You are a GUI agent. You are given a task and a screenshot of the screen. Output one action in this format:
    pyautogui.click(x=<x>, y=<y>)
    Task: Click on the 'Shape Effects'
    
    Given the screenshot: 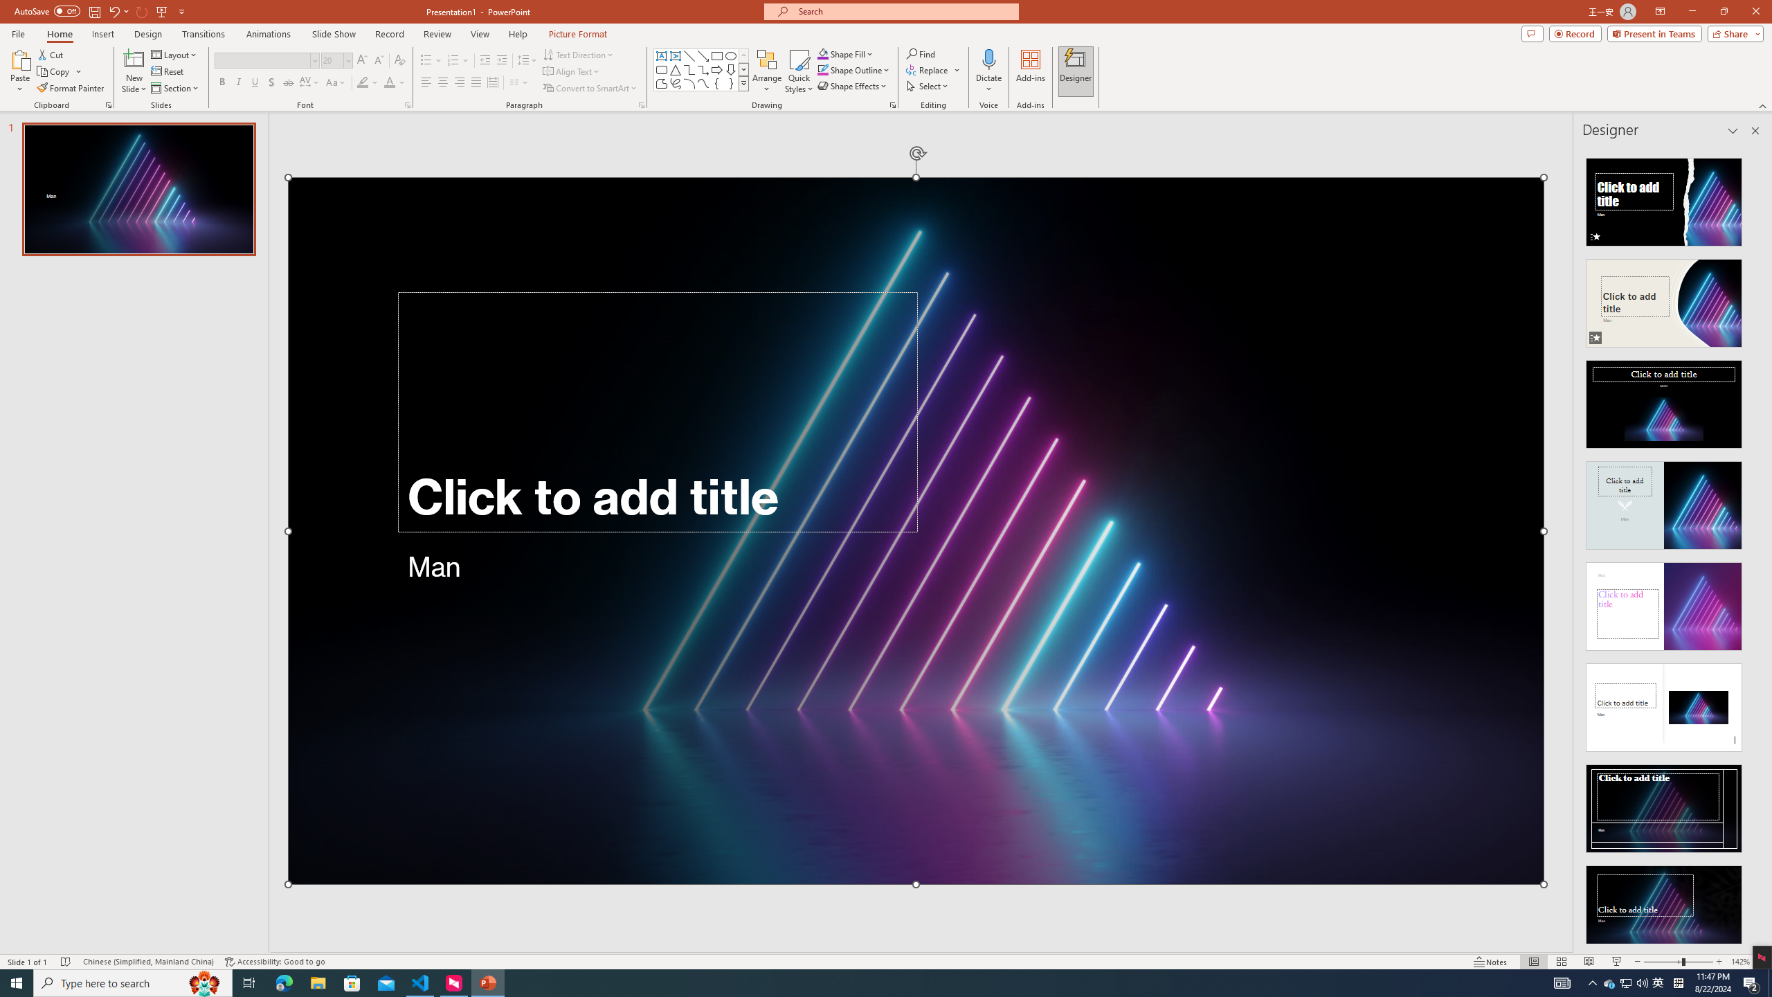 What is the action you would take?
    pyautogui.click(x=852, y=84)
    